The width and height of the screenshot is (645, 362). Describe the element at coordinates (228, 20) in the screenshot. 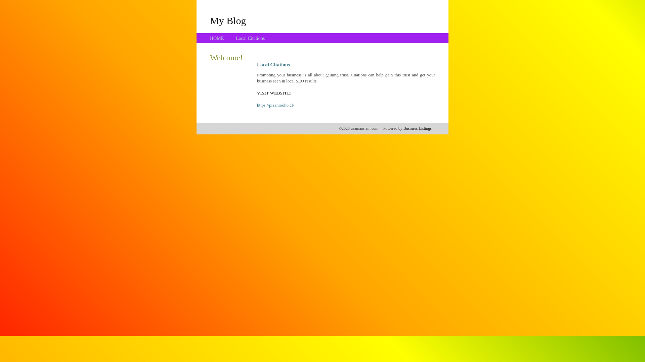

I see `'My Blog'` at that location.